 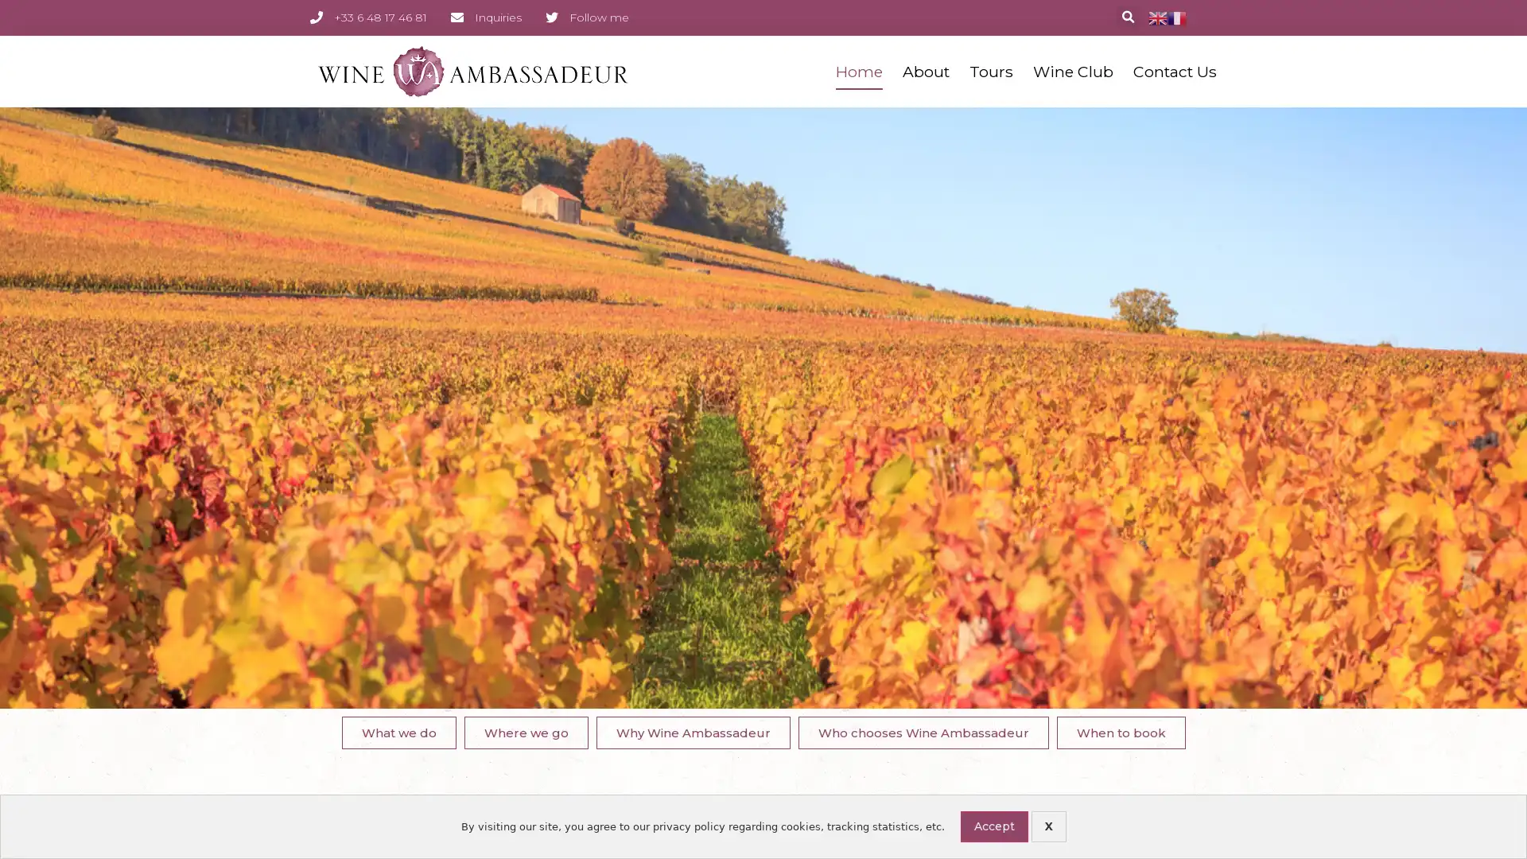 What do you see at coordinates (692, 732) in the screenshot?
I see `Why Wine Ambassadeur` at bounding box center [692, 732].